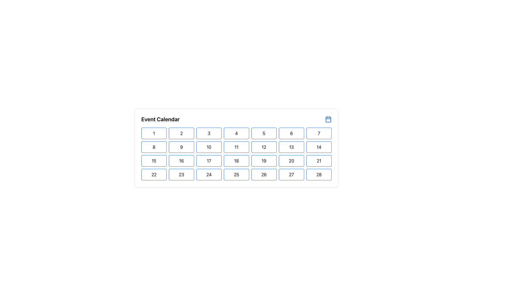 The image size is (528, 297). Describe the element at coordinates (236, 160) in the screenshot. I see `the days in the Calendar Panel, which is a rectangular content panel styled with a white background and blue borders, located below the label 'Event Calendar'` at that location.